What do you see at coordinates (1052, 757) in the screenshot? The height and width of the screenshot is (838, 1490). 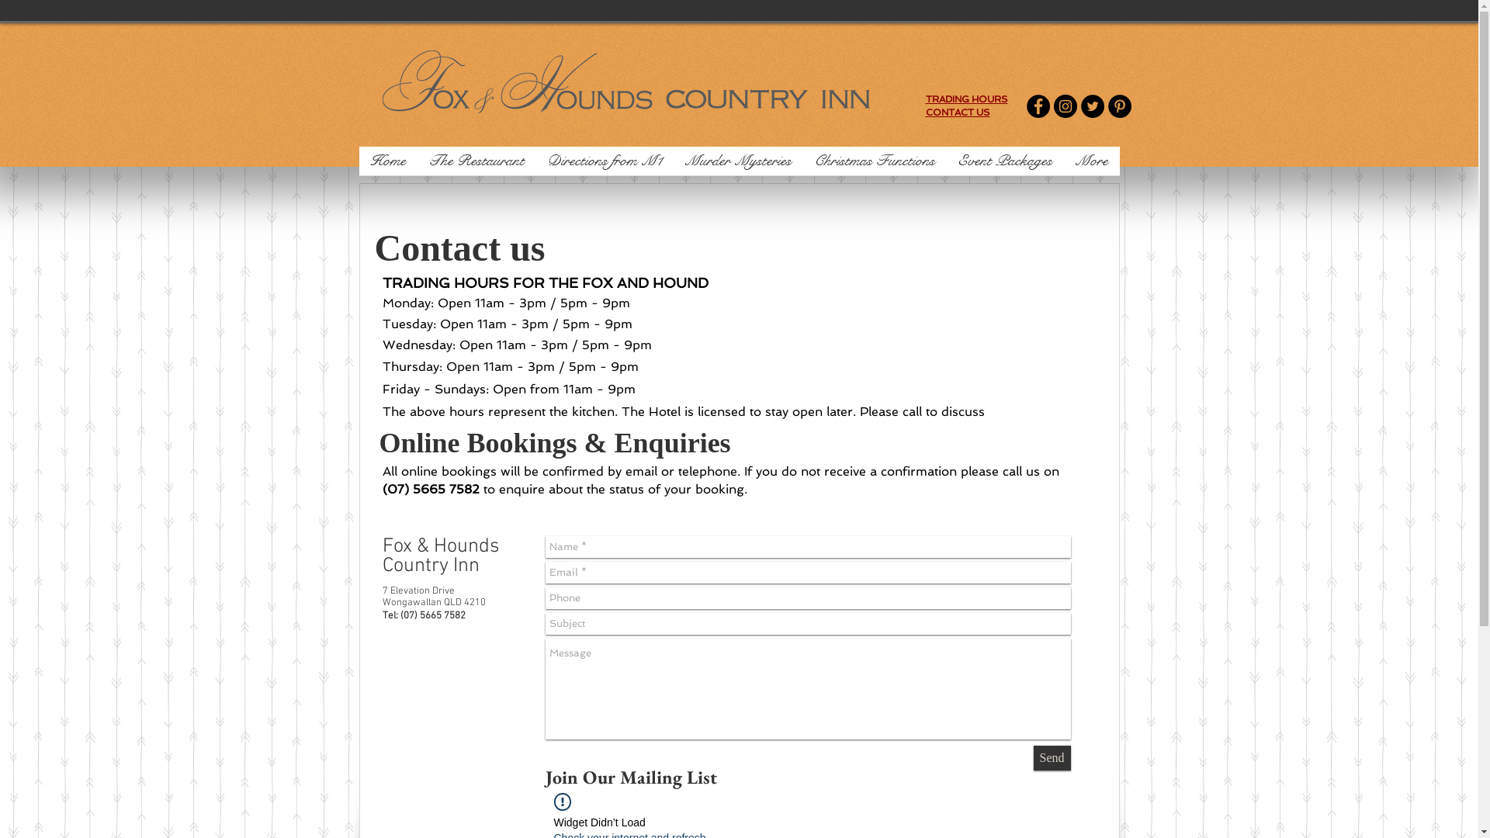 I see `'Send'` at bounding box center [1052, 757].